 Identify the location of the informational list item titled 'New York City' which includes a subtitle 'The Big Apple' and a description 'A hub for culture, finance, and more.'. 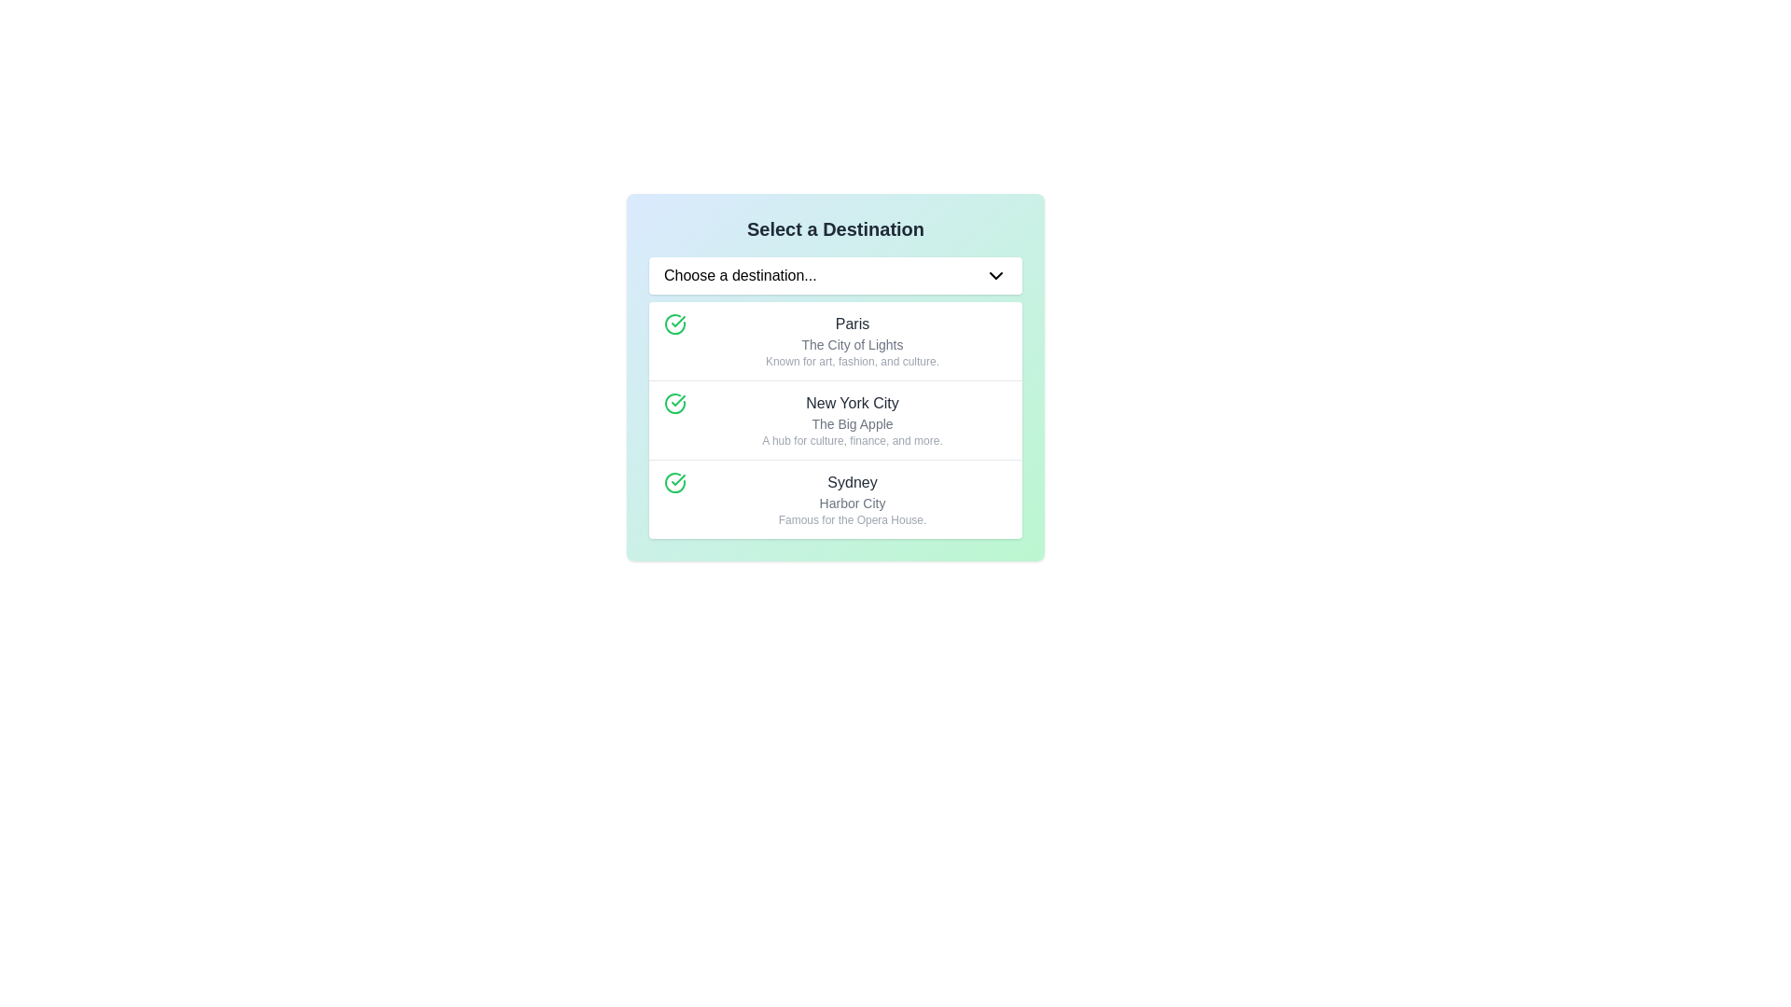
(851, 421).